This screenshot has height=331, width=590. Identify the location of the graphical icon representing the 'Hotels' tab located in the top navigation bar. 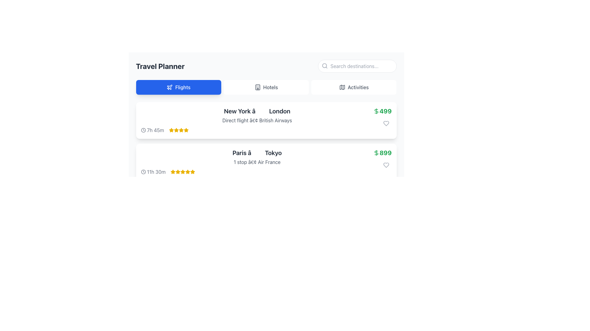
(258, 87).